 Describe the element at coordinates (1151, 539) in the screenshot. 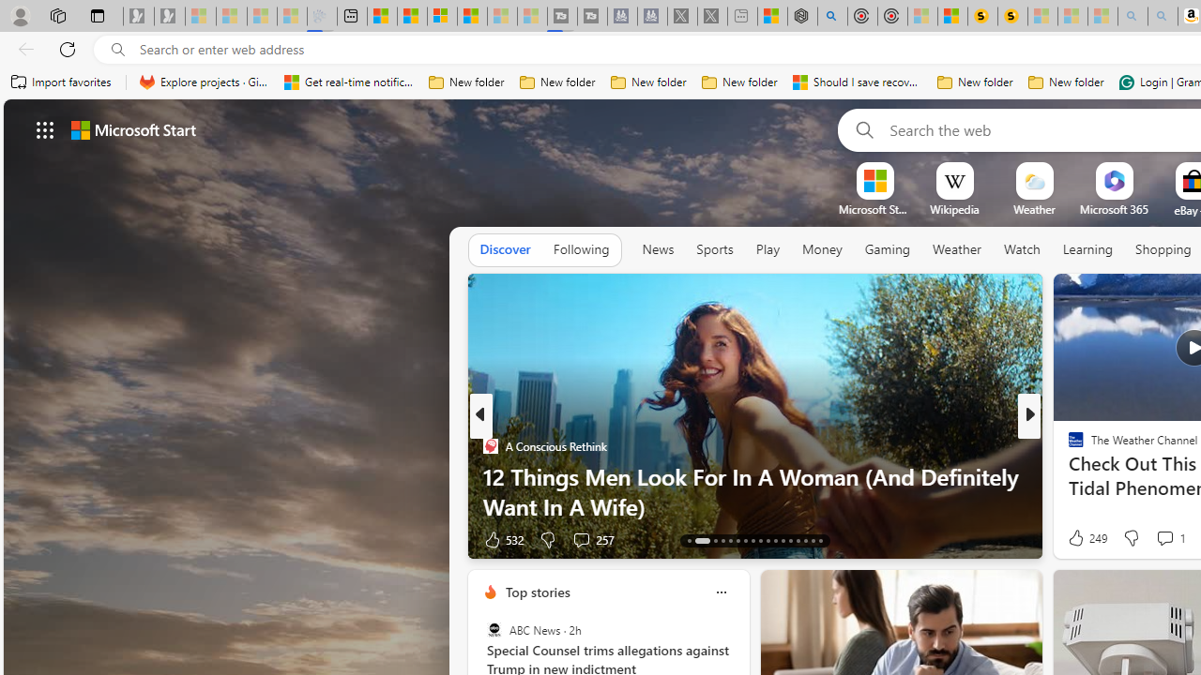

I see `'View comments 2 Comment'` at that location.